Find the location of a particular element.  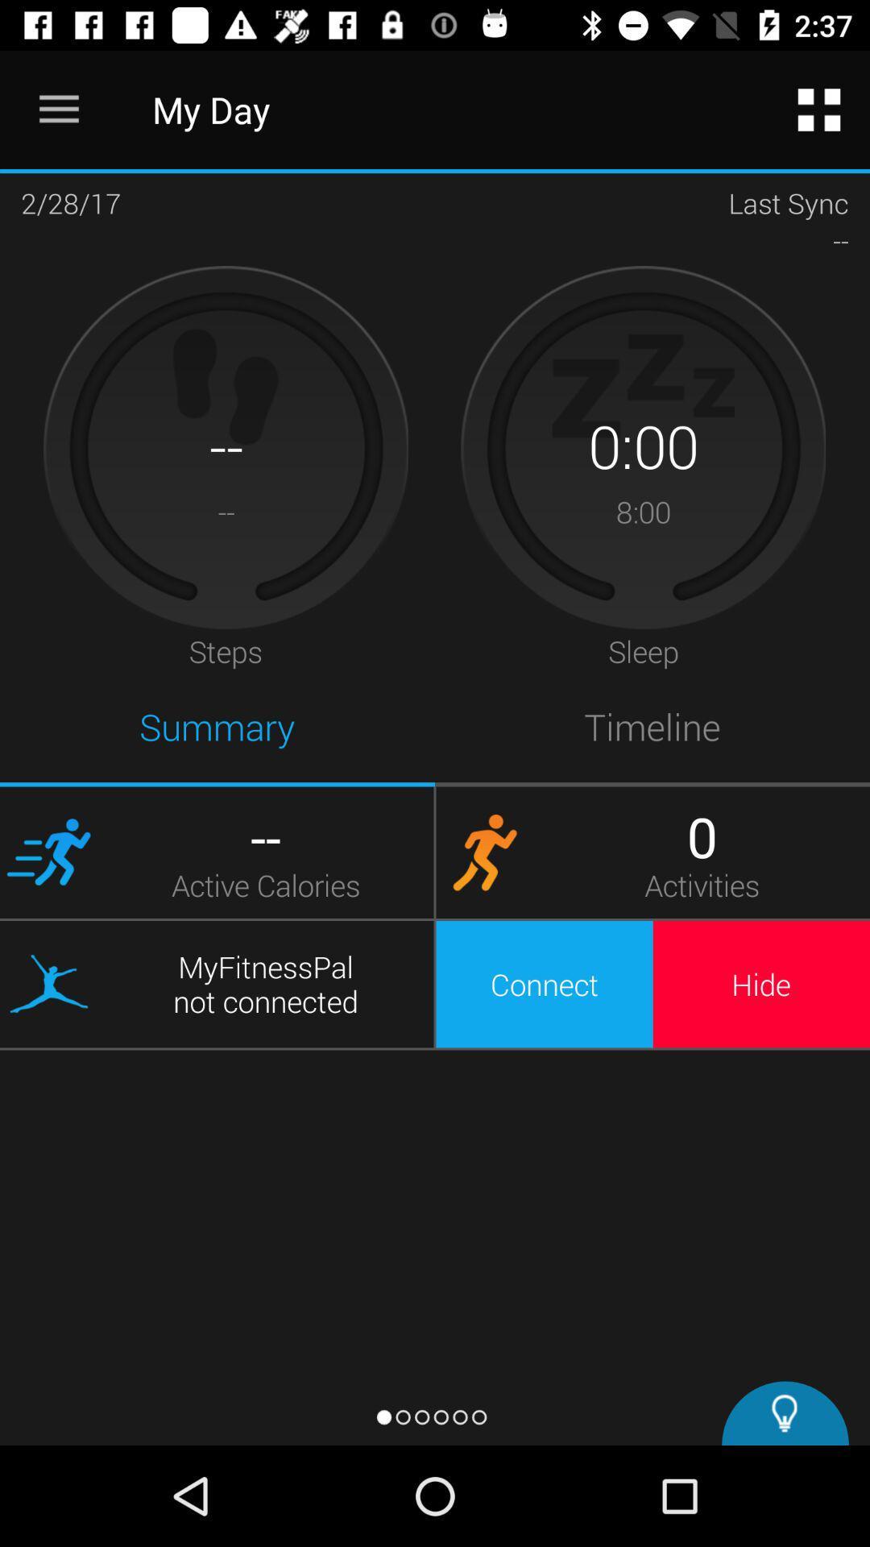

icon next to my day is located at coordinates (819, 109).